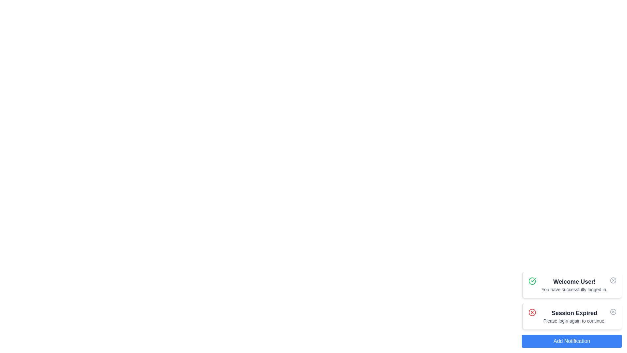  Describe the element at coordinates (532, 312) in the screenshot. I see `the notification with error icon` at that location.